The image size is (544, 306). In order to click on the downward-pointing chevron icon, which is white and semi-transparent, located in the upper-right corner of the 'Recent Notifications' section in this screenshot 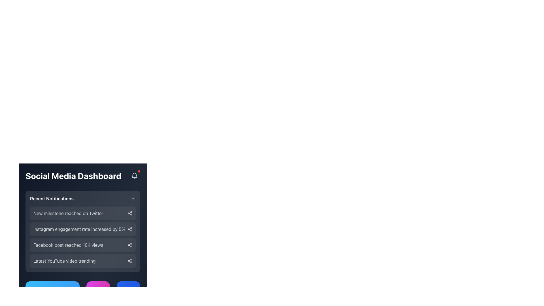, I will do `click(133, 198)`.